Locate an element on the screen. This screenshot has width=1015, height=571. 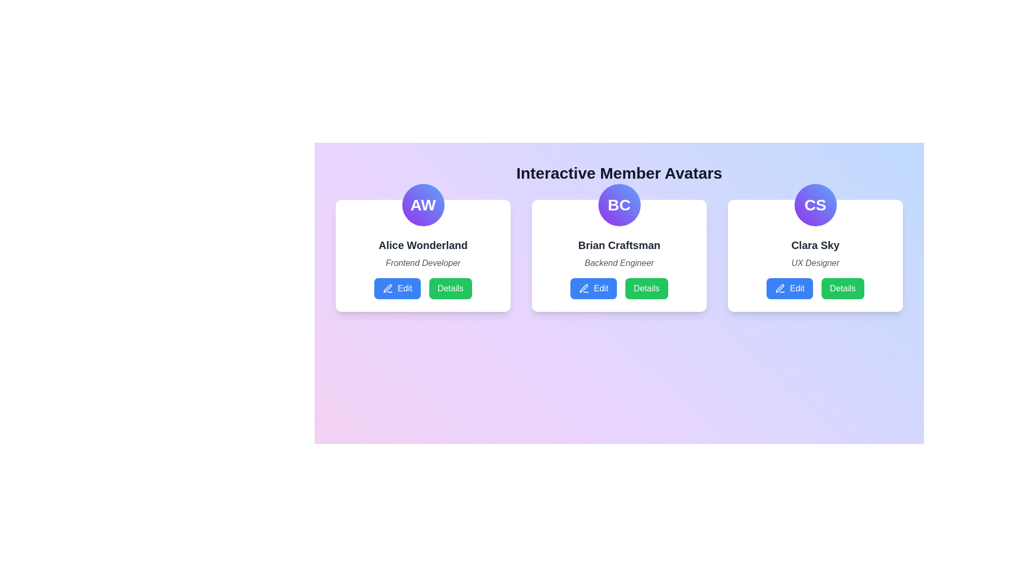
the blue 'Edit' button with a white pen icon to initiate an edit action is located at coordinates (397, 289).